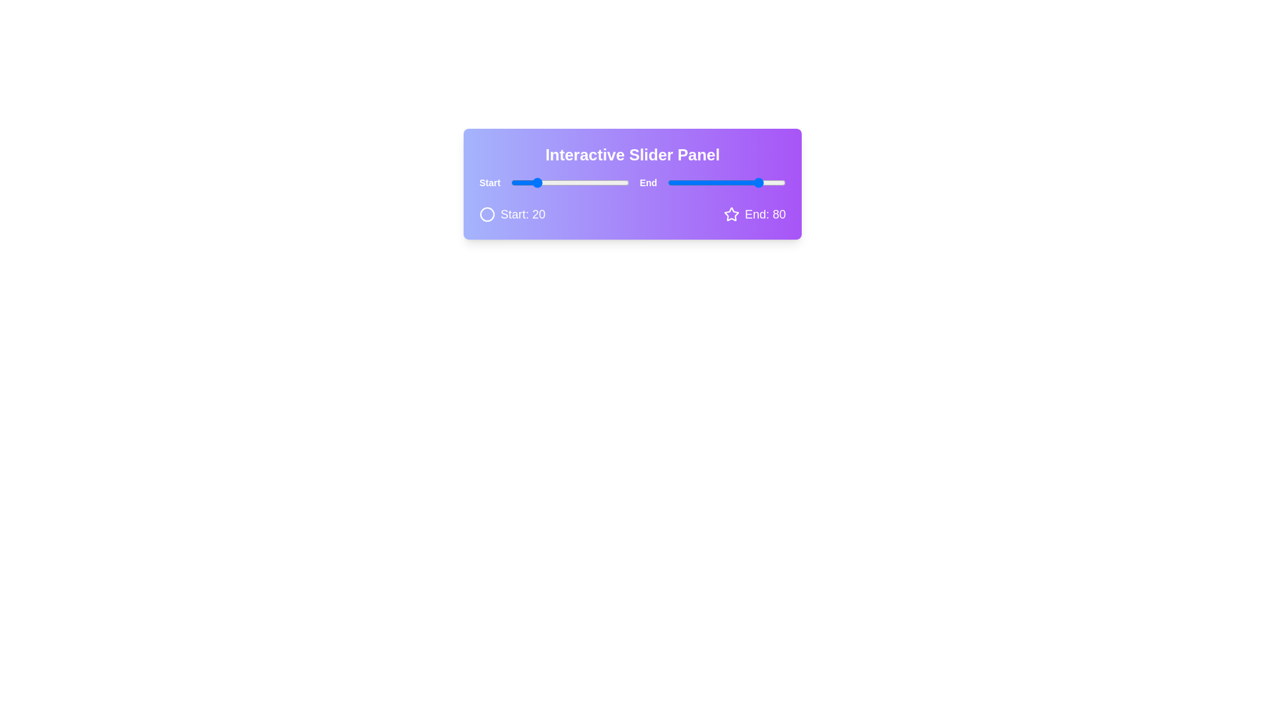 The image size is (1268, 713). What do you see at coordinates (487, 213) in the screenshot?
I see `the circular UI component with a visible border and hollow center located to the left within an interactive panel` at bounding box center [487, 213].